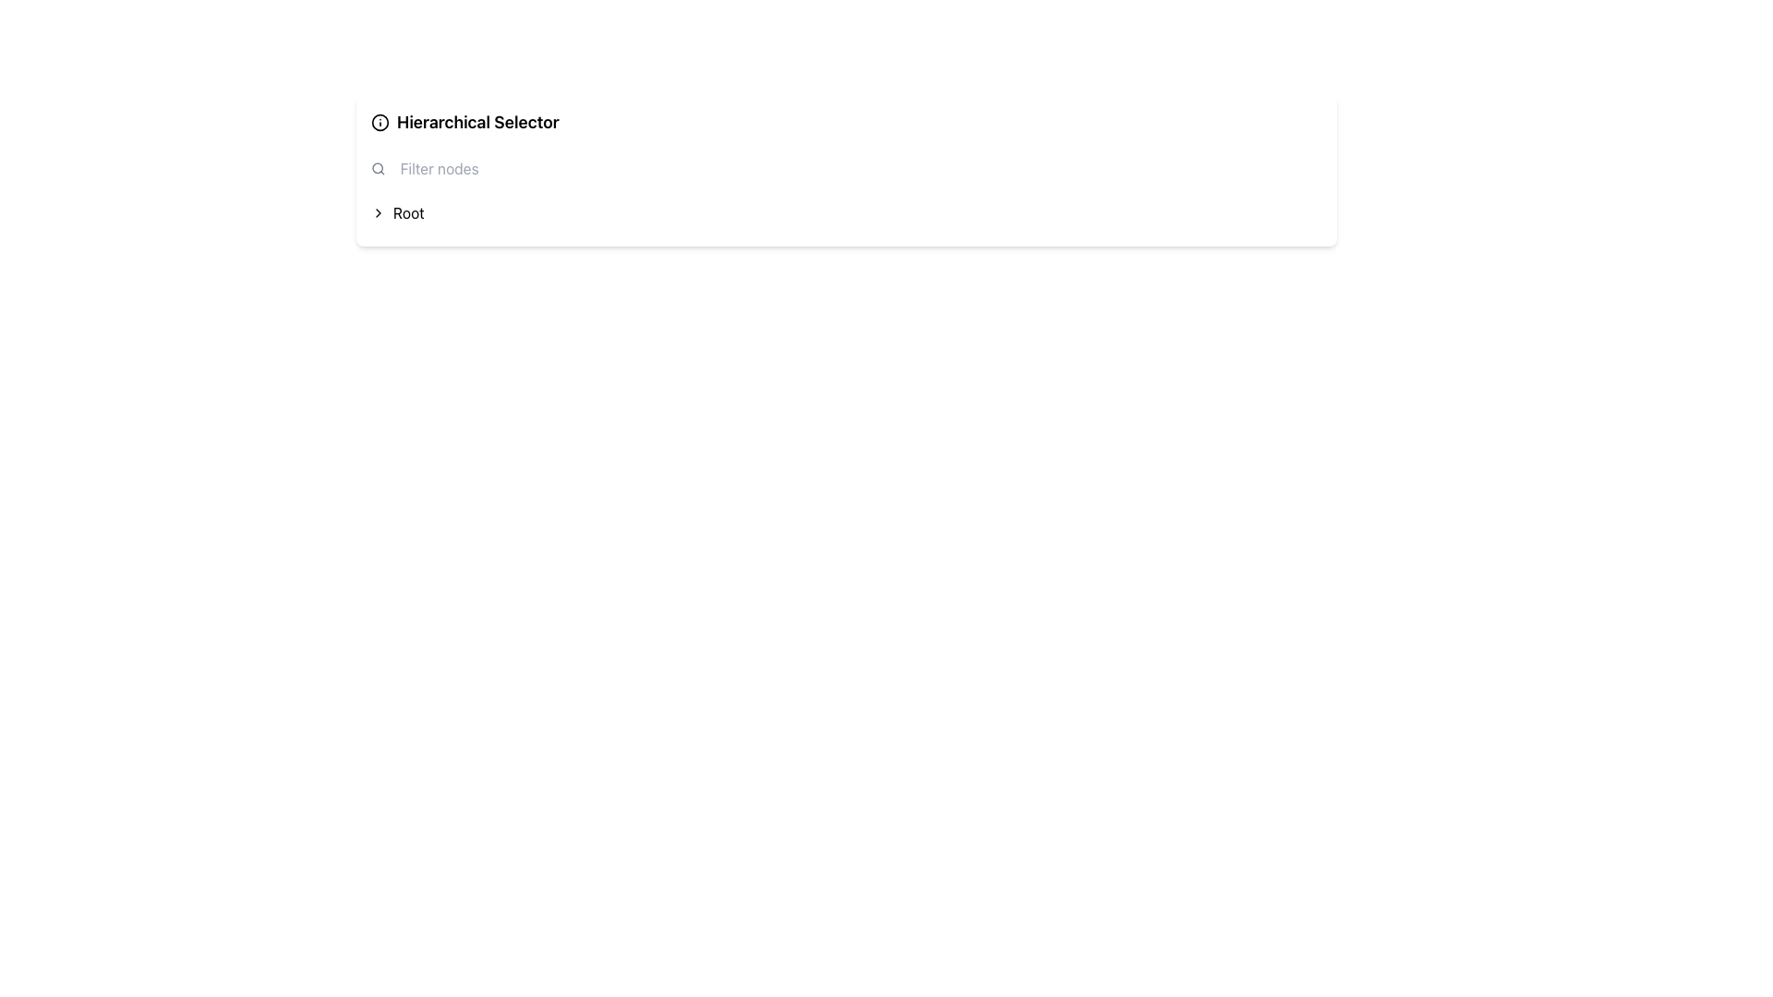 Image resolution: width=1773 pixels, height=997 pixels. I want to click on the decorative SVG circle element that highlights the 'Hierarchical Selector' feature icon, so click(380, 121).